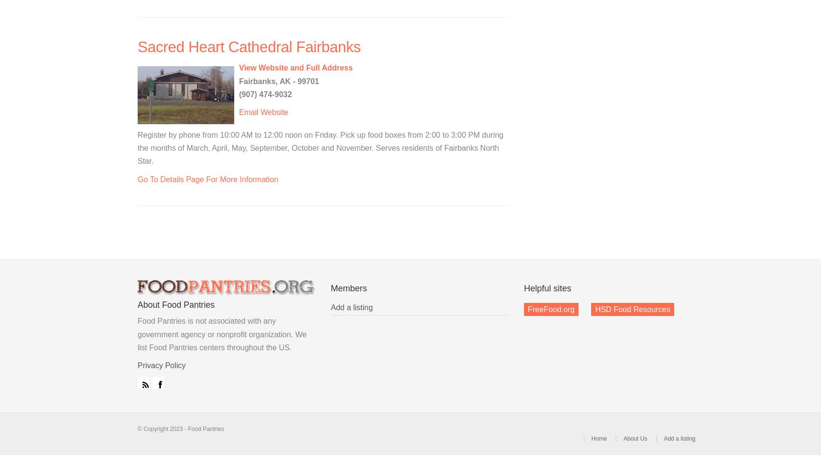 The height and width of the screenshot is (473, 821). Describe the element at coordinates (175, 304) in the screenshot. I see `'About Food Pantries'` at that location.